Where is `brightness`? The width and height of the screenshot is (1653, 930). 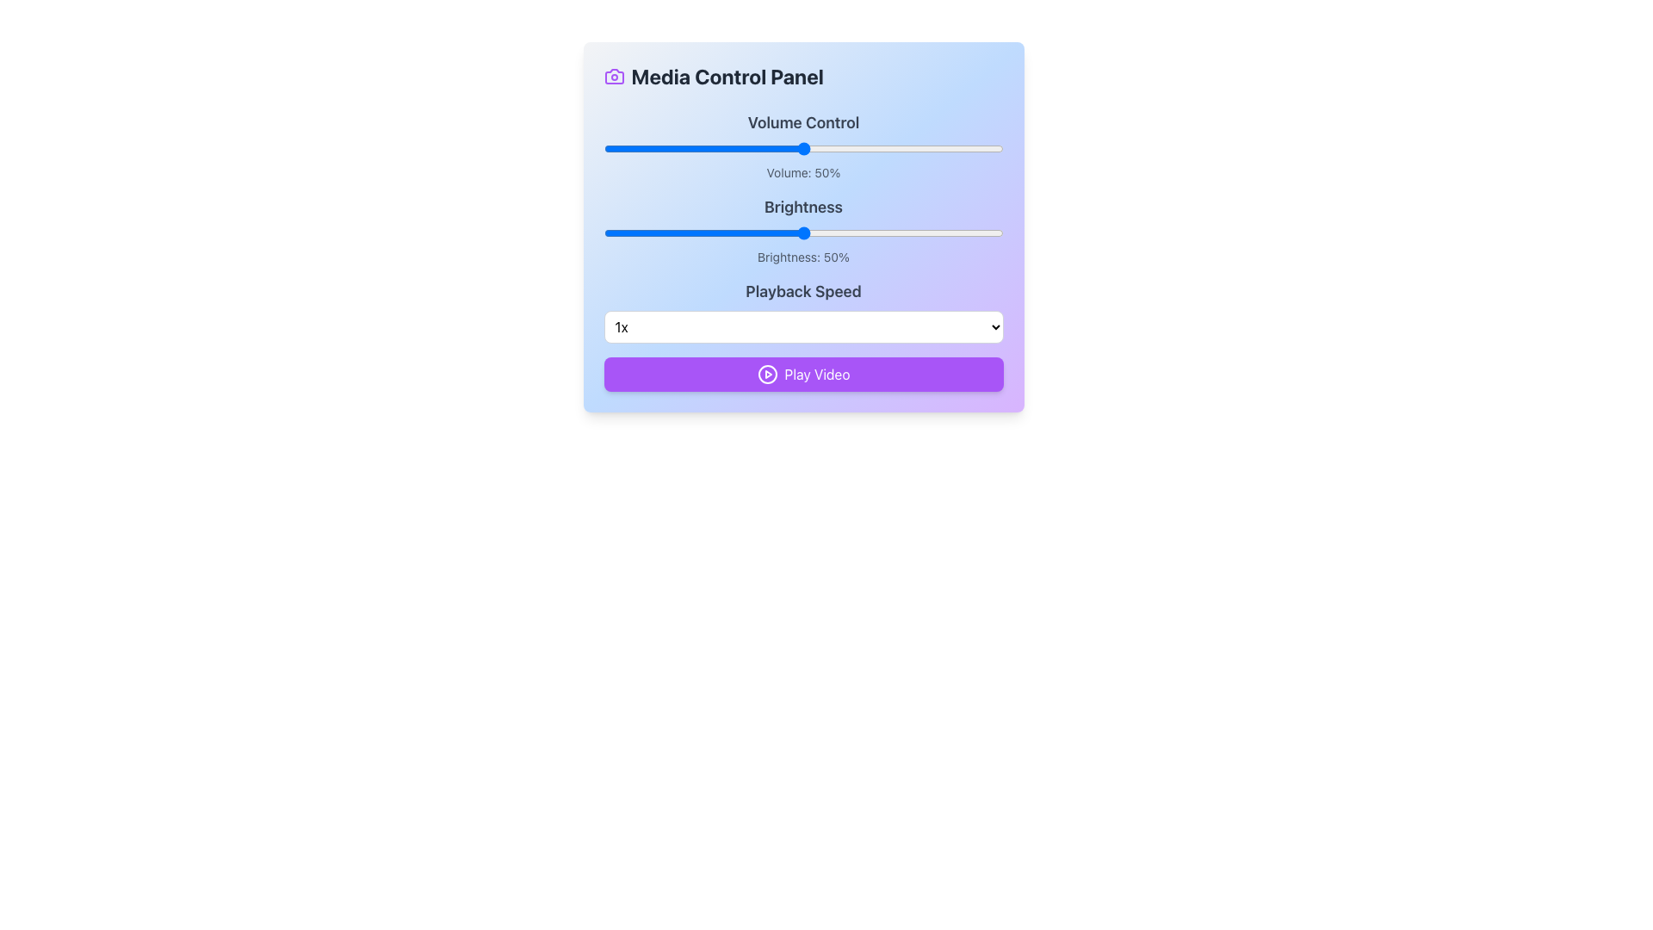 brightness is located at coordinates (859, 232).